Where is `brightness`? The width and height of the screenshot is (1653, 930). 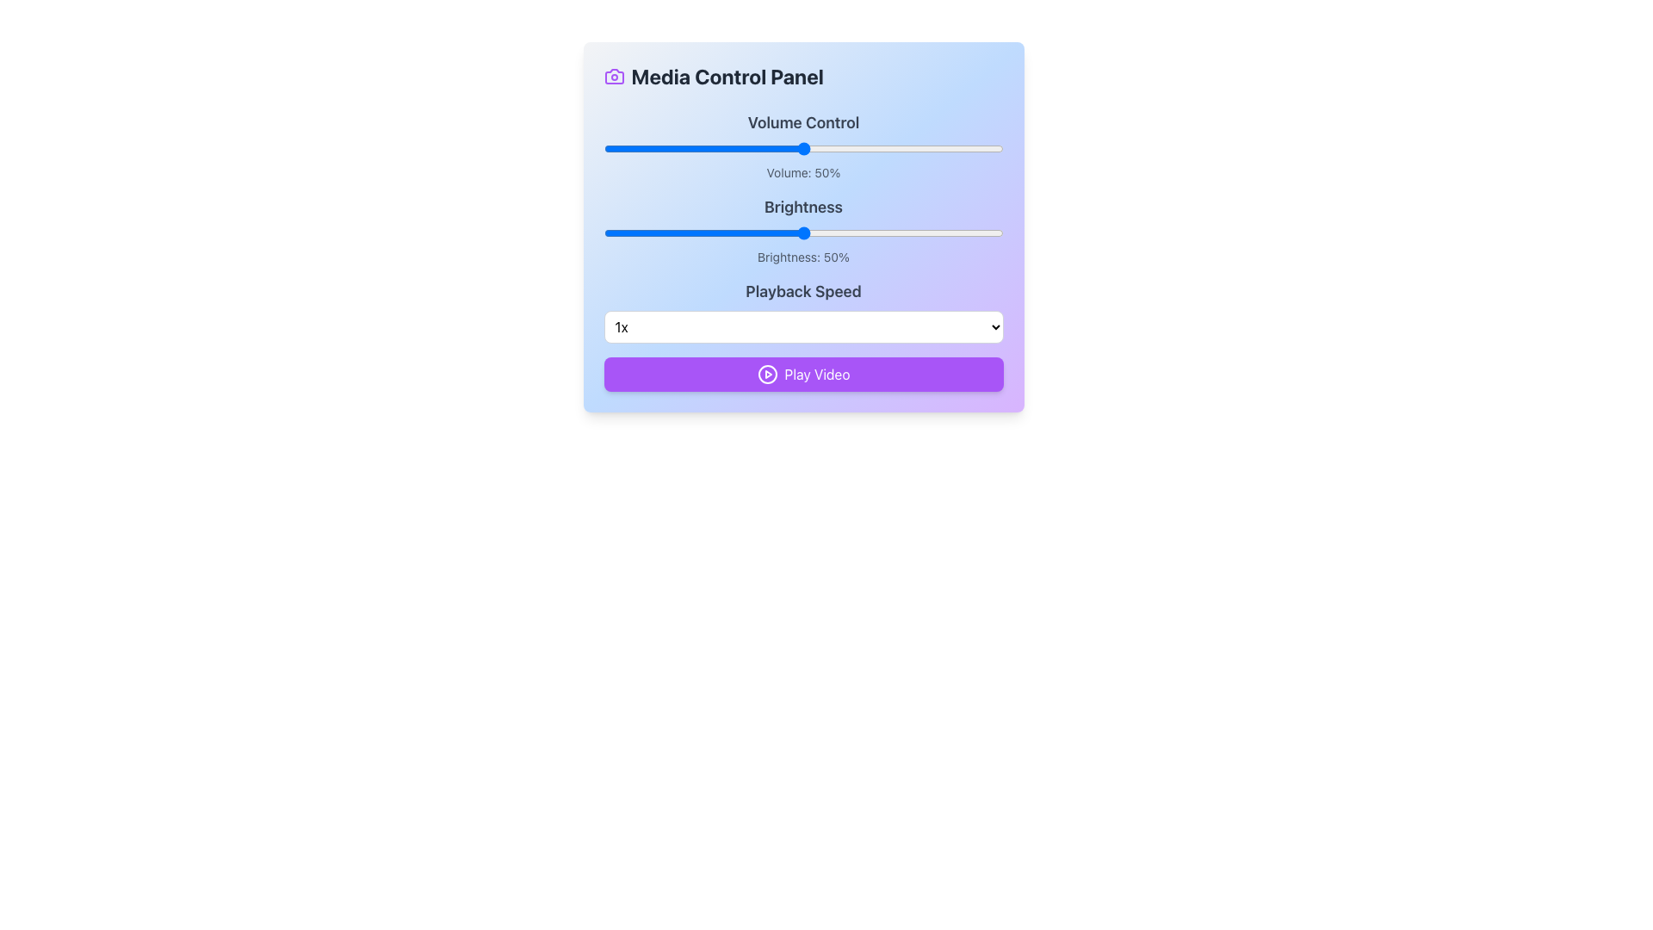 brightness is located at coordinates (859, 232).